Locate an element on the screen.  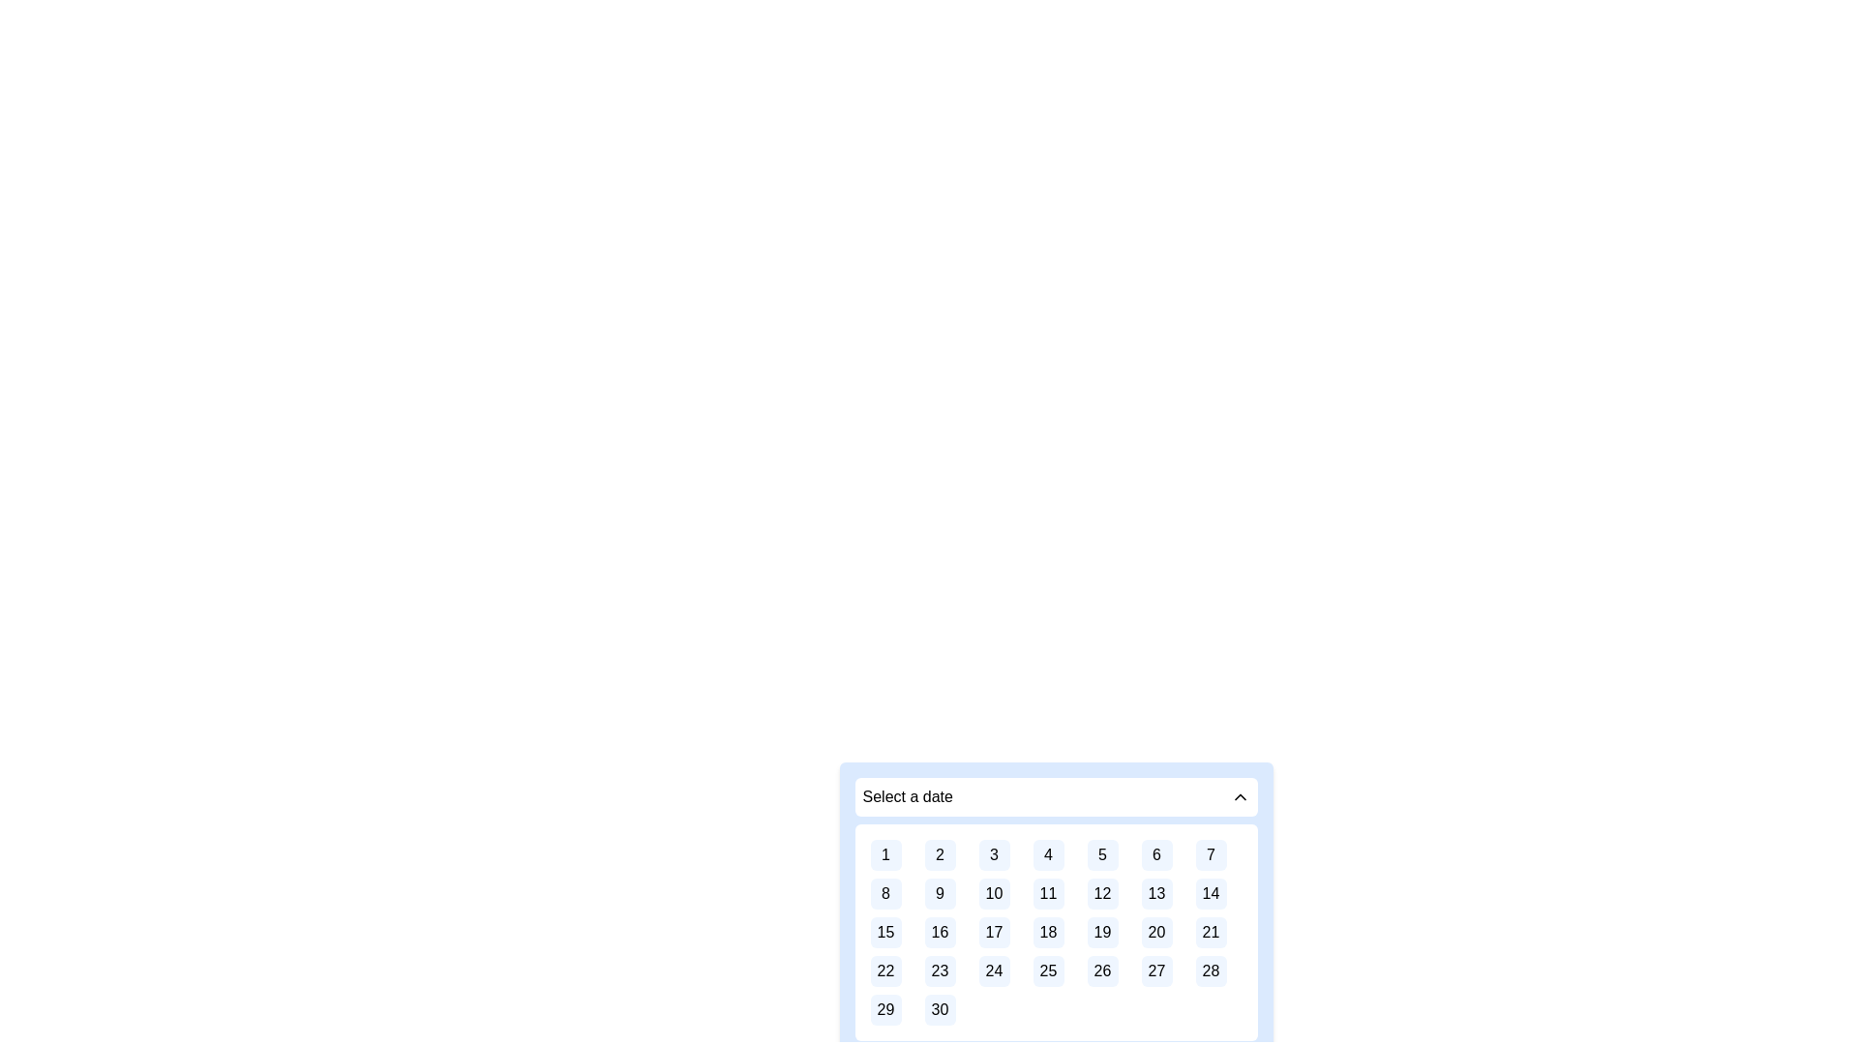
the second item in the first row of the calendar grid is located at coordinates (940, 853).